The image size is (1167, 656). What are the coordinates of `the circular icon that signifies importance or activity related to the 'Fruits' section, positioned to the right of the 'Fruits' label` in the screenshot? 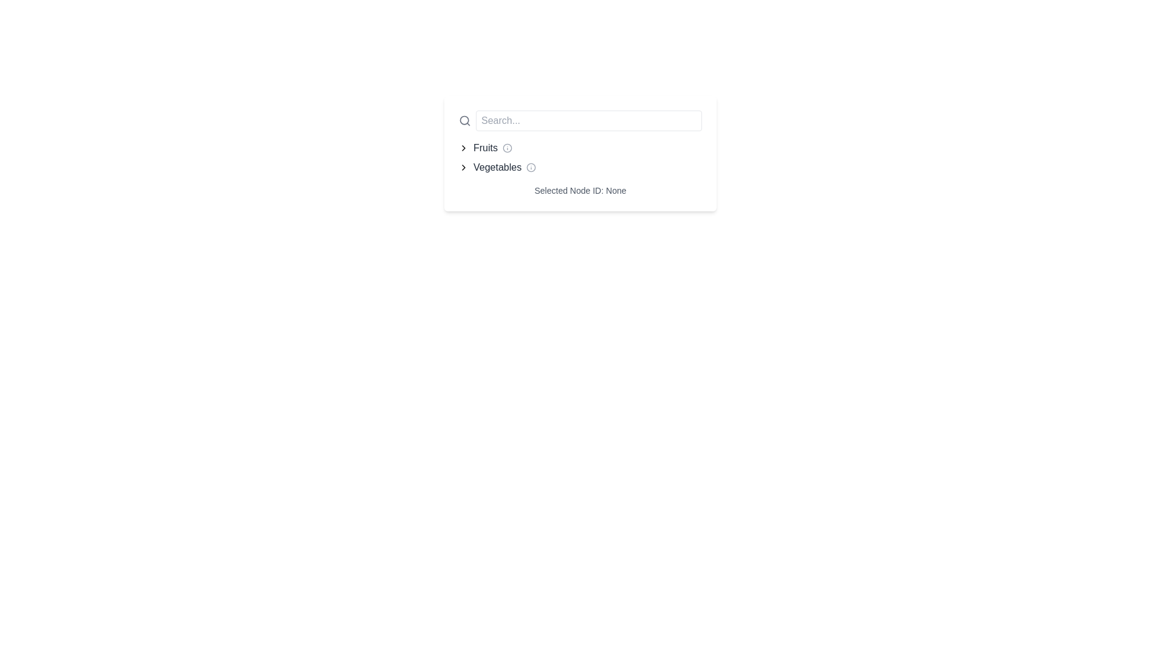 It's located at (508, 147).